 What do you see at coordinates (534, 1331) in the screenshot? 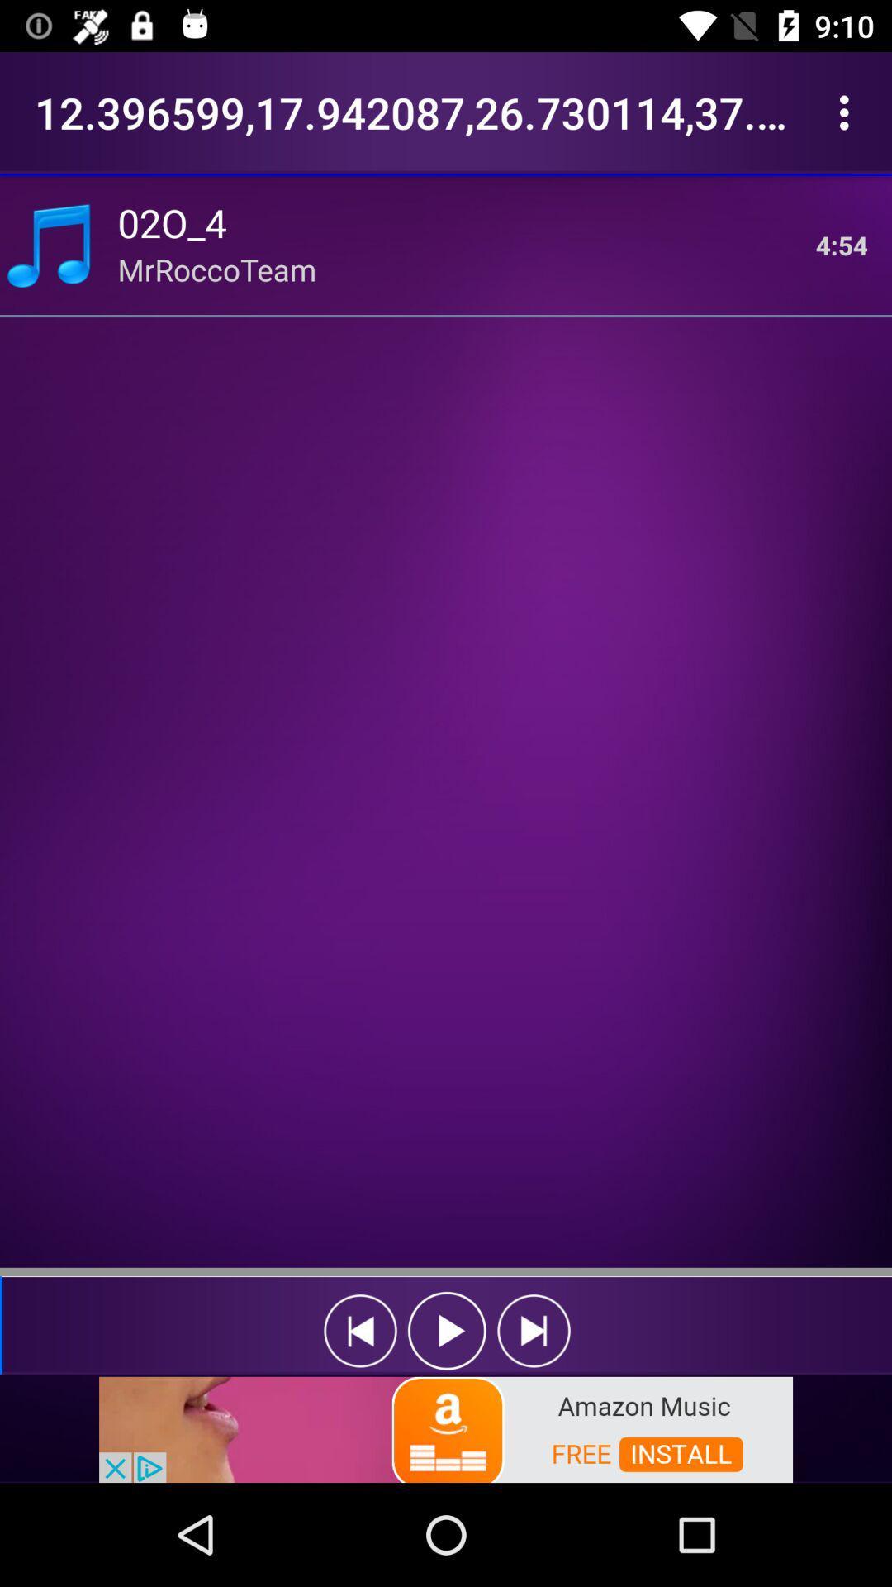
I see `to goto next music in the music list` at bounding box center [534, 1331].